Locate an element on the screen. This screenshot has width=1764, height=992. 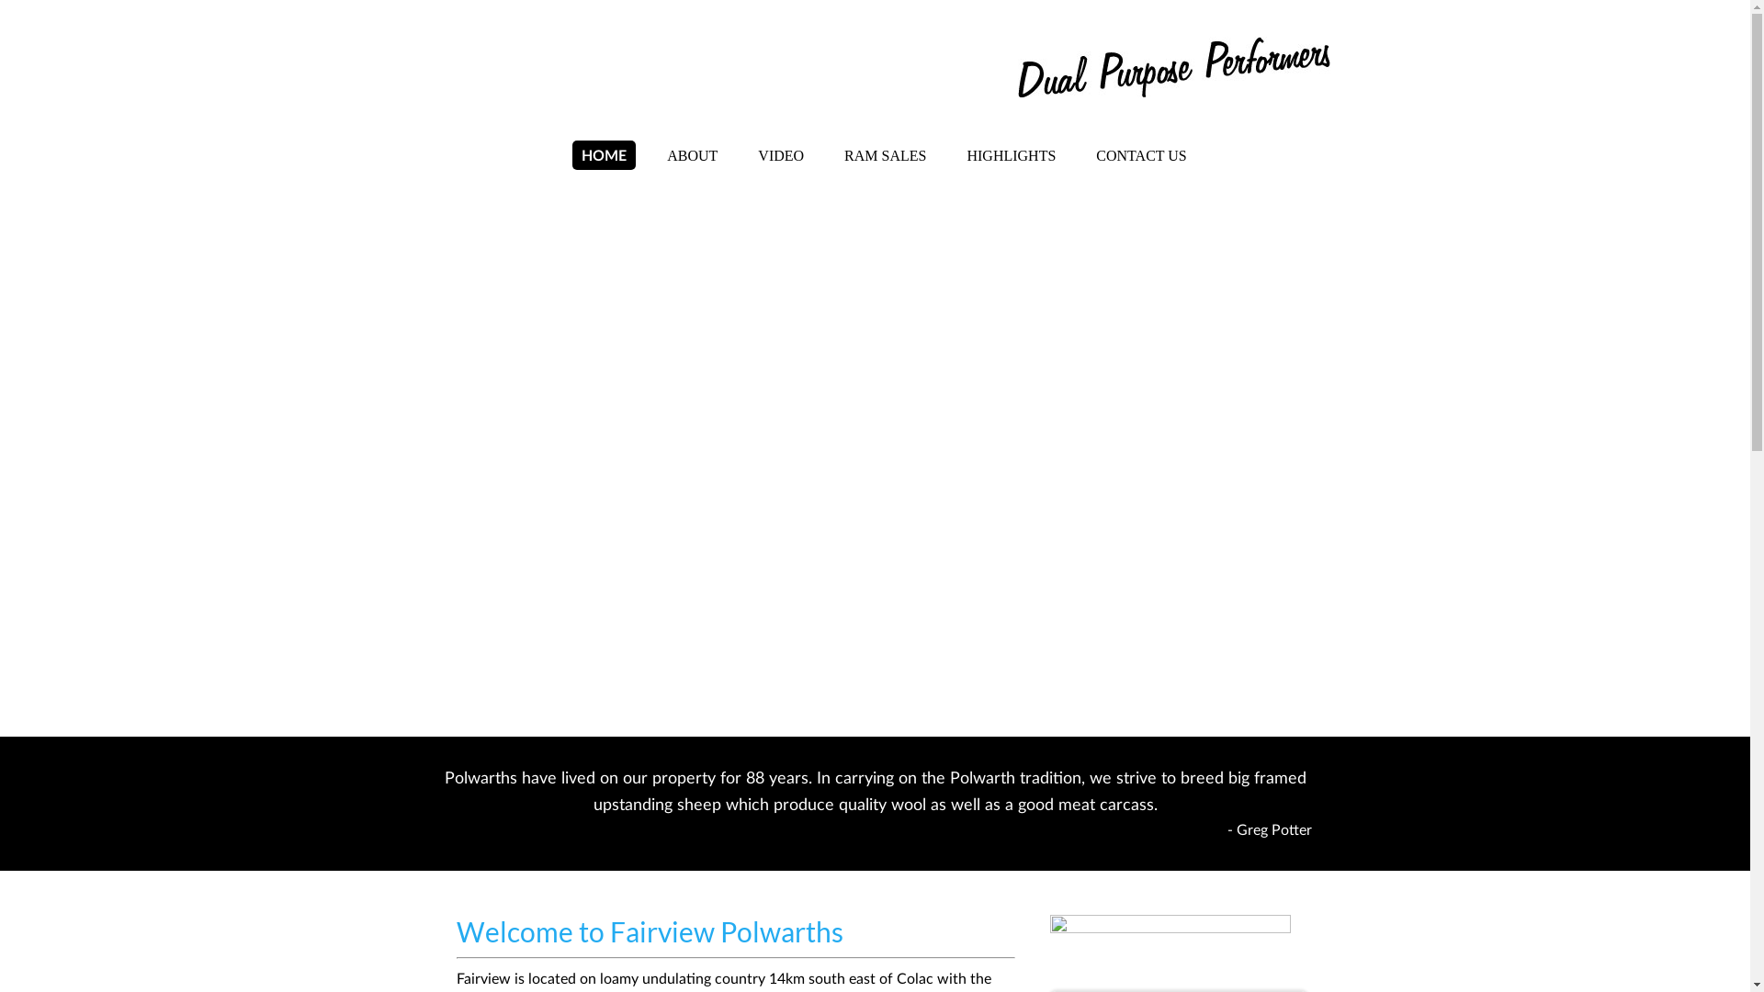
'RAM SALES' is located at coordinates (885, 154).